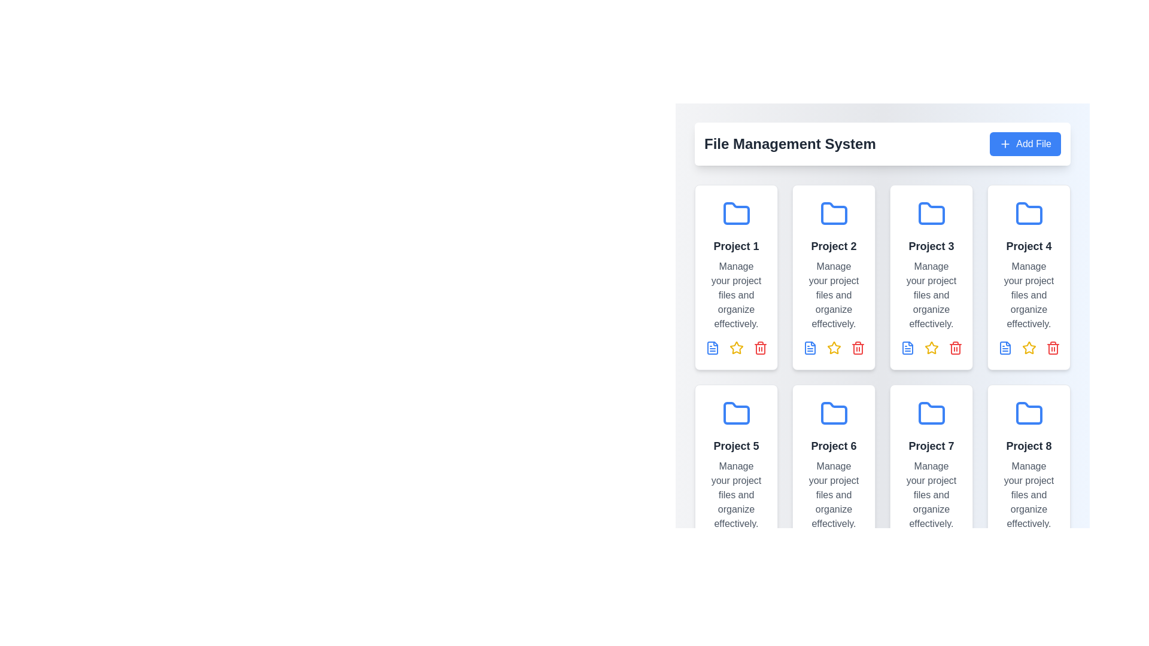  Describe the element at coordinates (1028, 446) in the screenshot. I see `text label that serves as a title or heading for 'Project 8', positioned in the lower-right corner of a group of cards, below a folder icon and above smaller descriptive text` at that location.